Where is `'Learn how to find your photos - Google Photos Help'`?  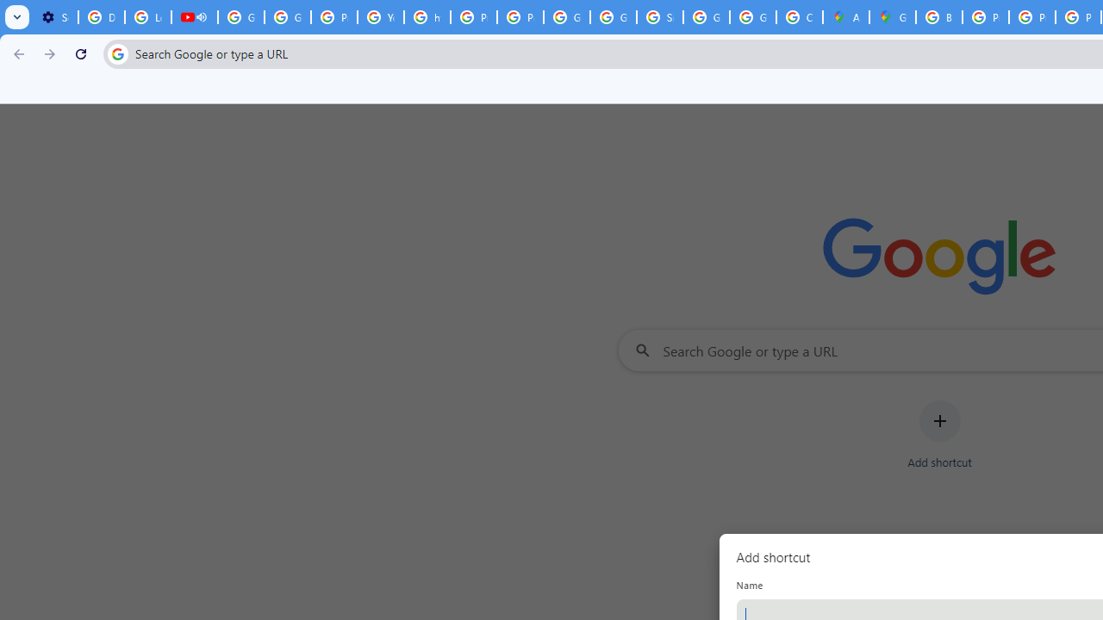 'Learn how to find your photos - Google Photos Help' is located at coordinates (147, 17).